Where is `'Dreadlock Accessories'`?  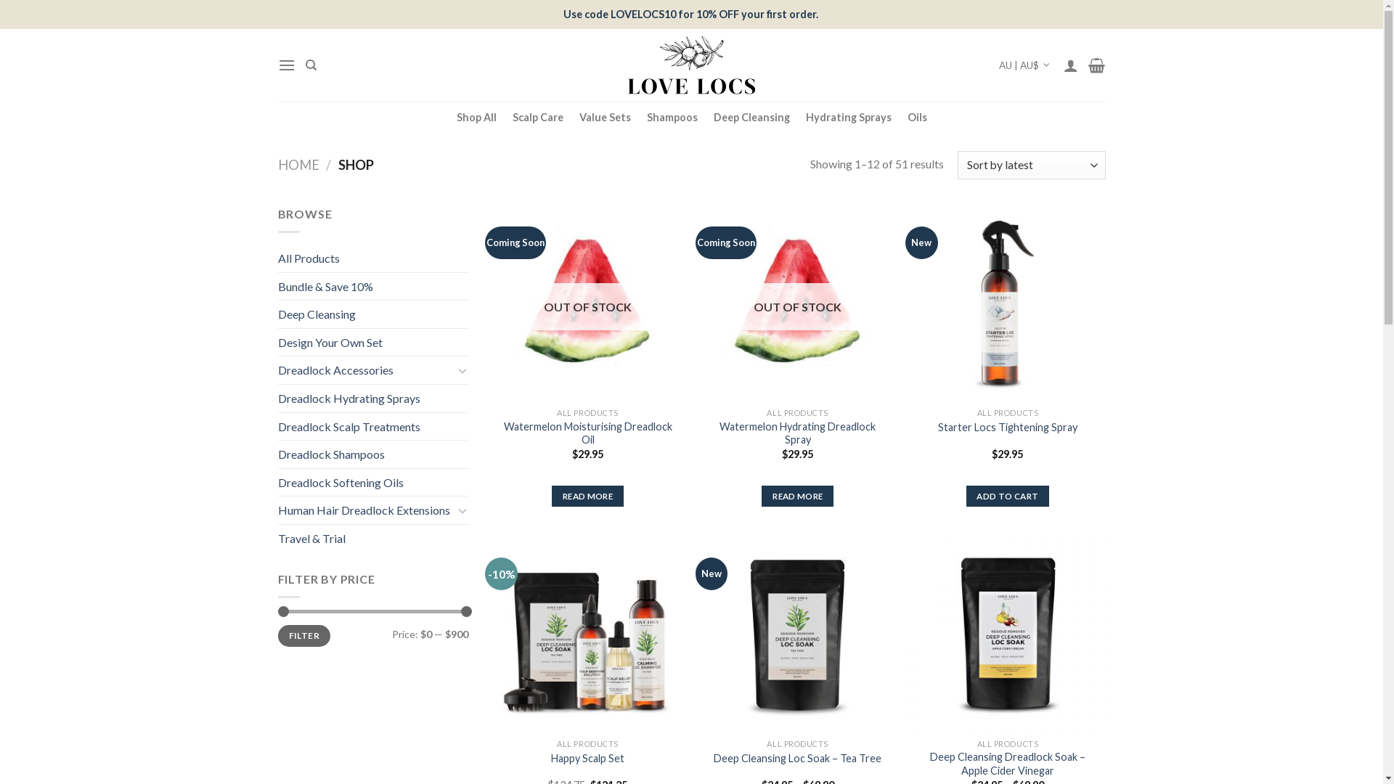
'Dreadlock Accessories' is located at coordinates (365, 369).